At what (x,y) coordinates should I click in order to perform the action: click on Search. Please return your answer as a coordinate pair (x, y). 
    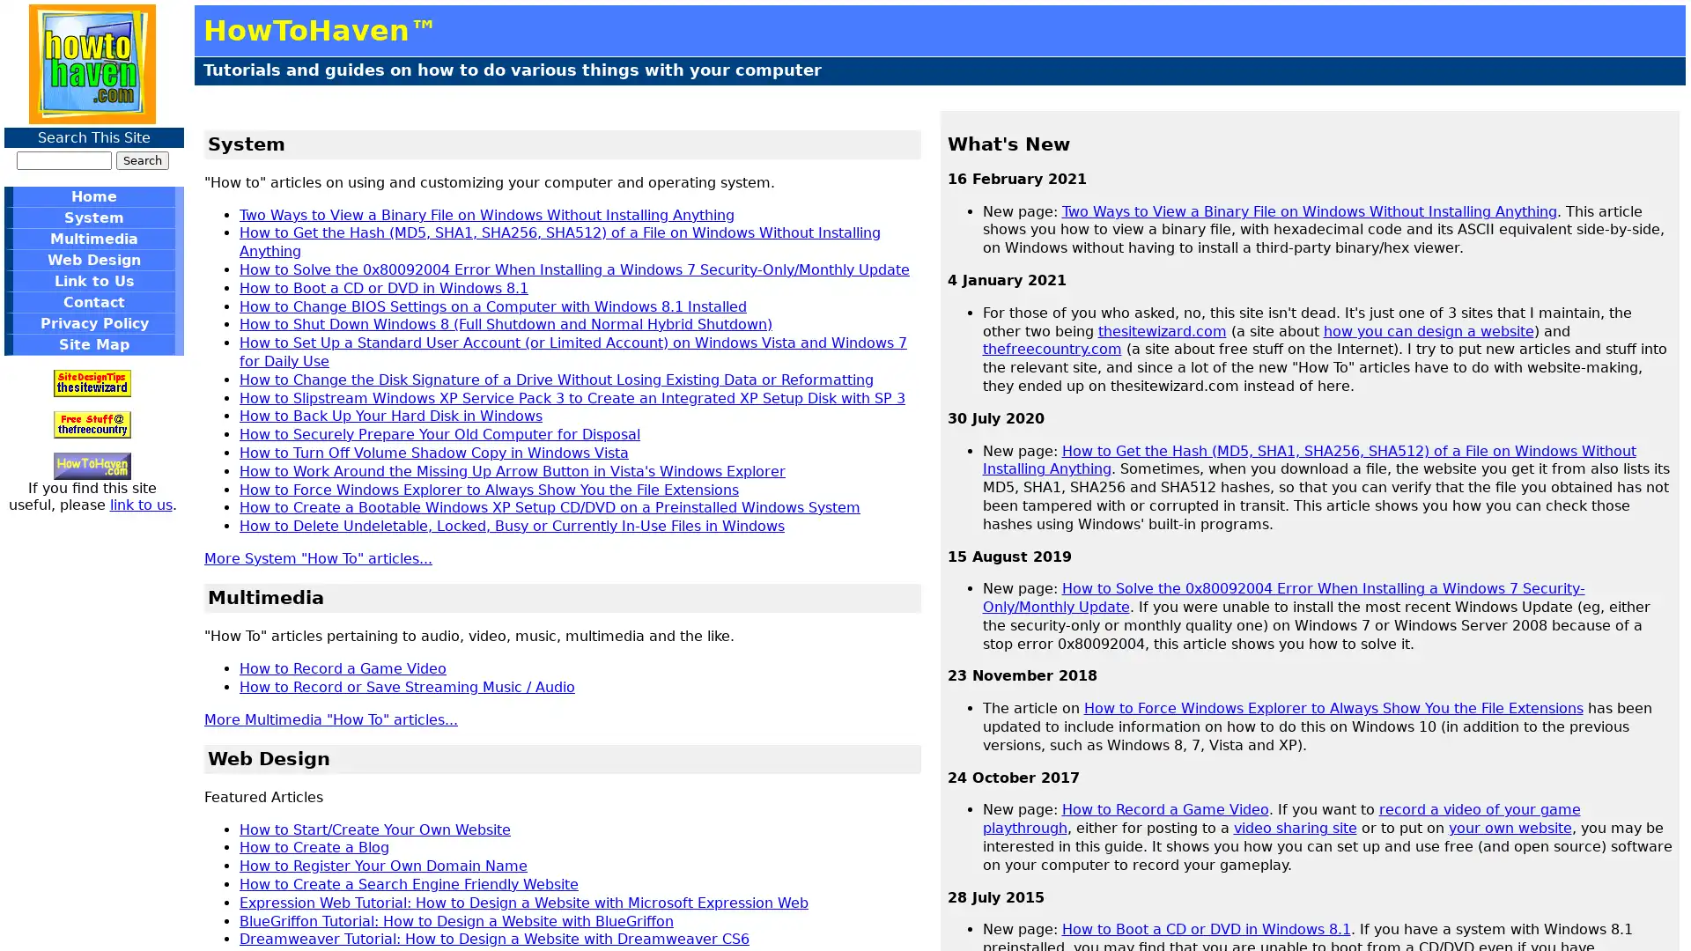
    Looking at the image, I should click on (142, 160).